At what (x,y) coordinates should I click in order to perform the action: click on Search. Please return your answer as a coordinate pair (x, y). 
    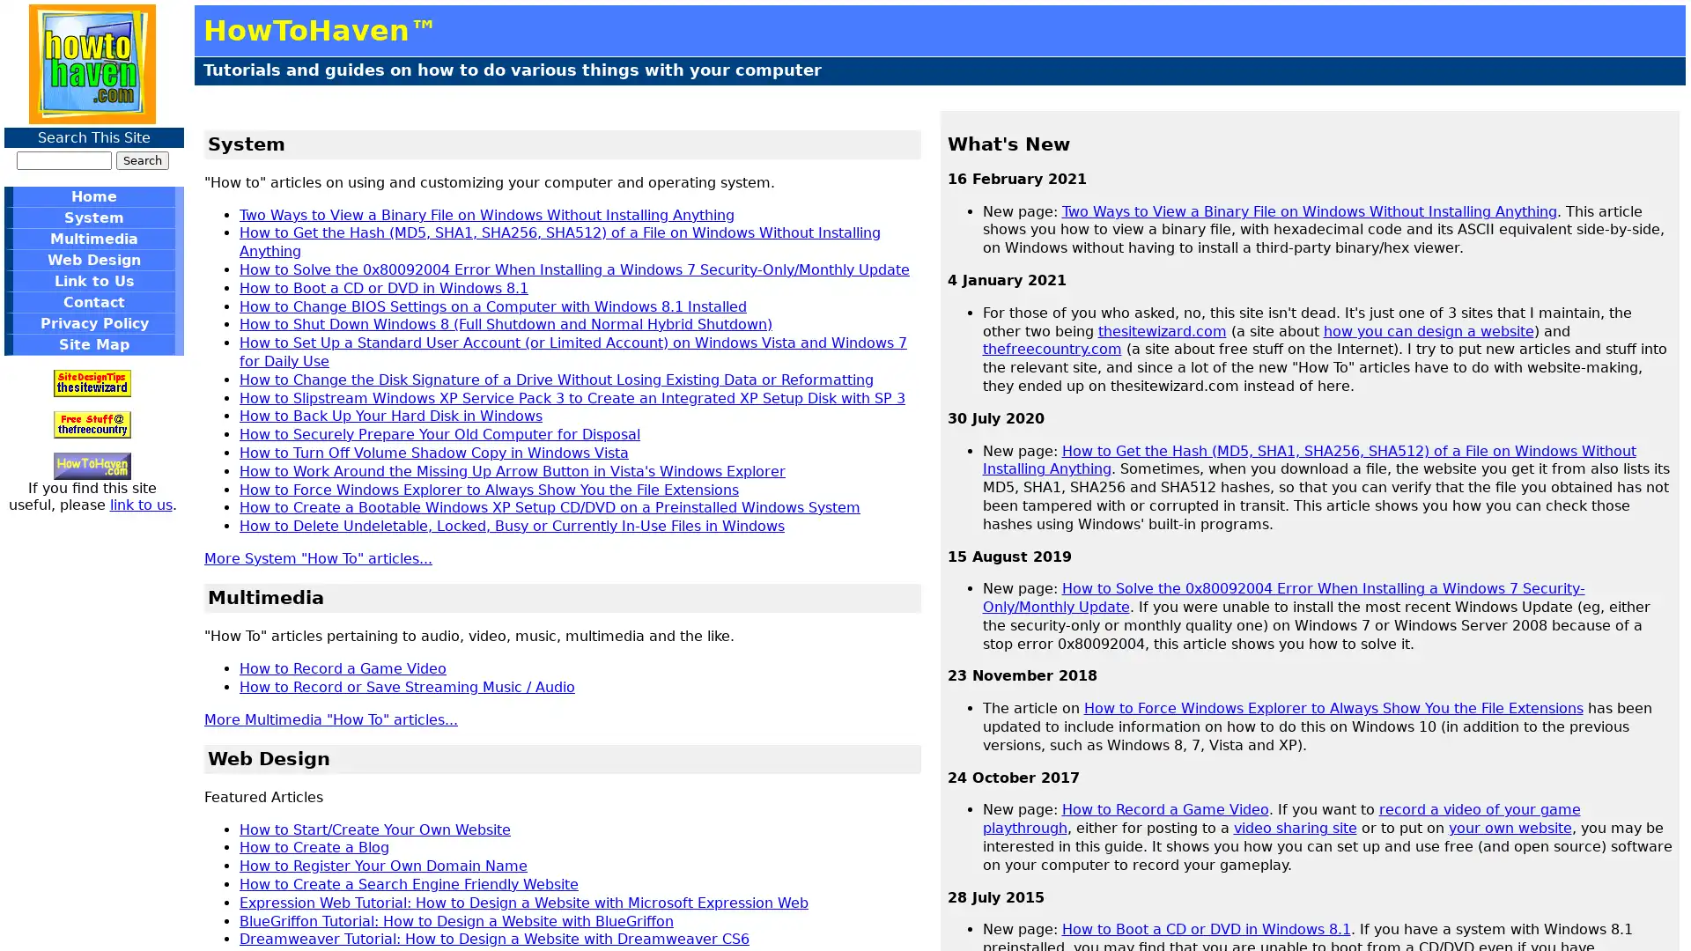
    Looking at the image, I should click on (142, 160).